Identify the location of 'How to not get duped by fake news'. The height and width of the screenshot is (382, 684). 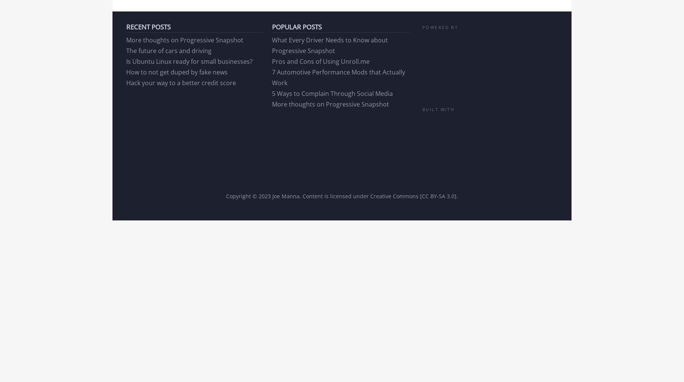
(176, 72).